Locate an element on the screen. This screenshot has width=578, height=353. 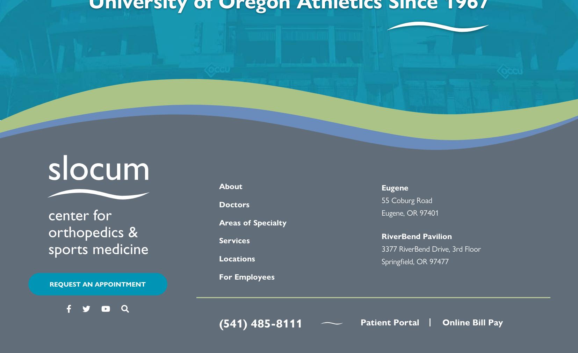
'For Employees' is located at coordinates (247, 276).